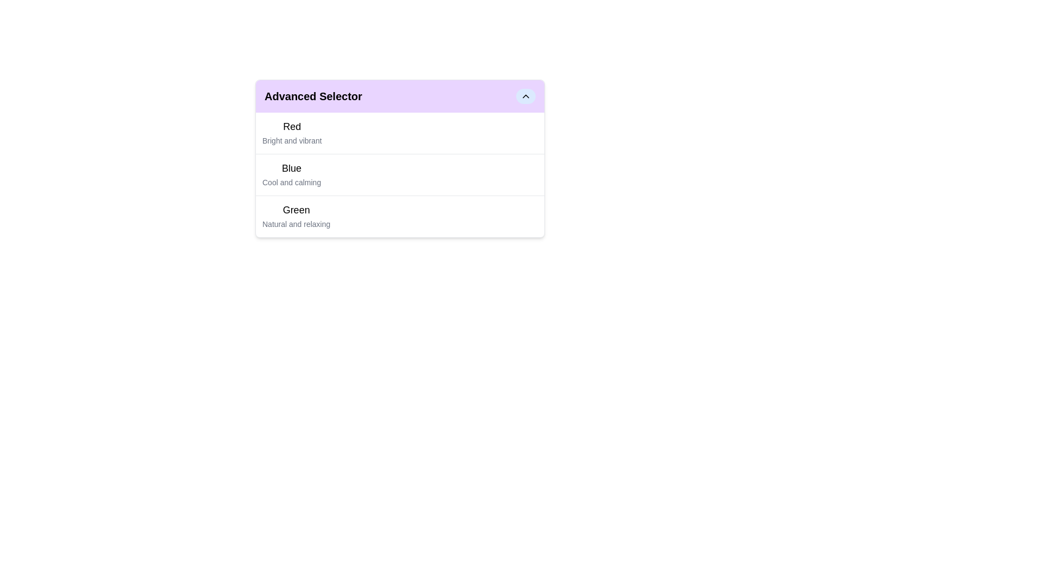 This screenshot has height=585, width=1041. I want to click on the 'Blue' text label in the dropdown menu labeled 'Advanced Selector', so click(292, 168).